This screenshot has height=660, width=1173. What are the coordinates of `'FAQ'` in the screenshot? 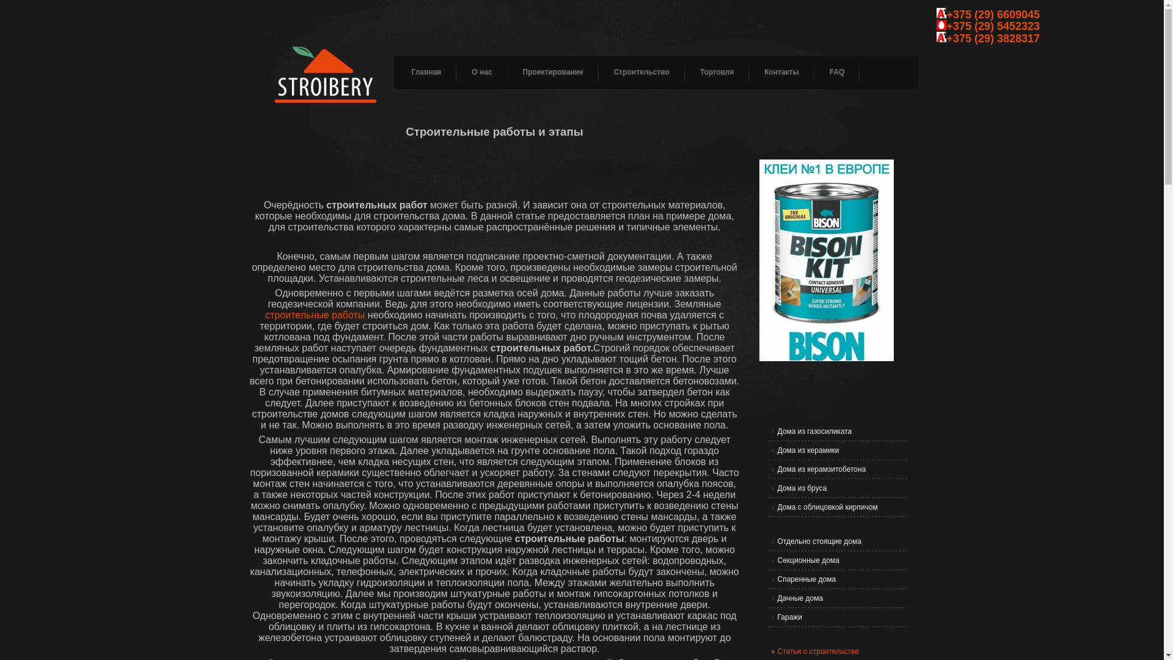 It's located at (830, 72).